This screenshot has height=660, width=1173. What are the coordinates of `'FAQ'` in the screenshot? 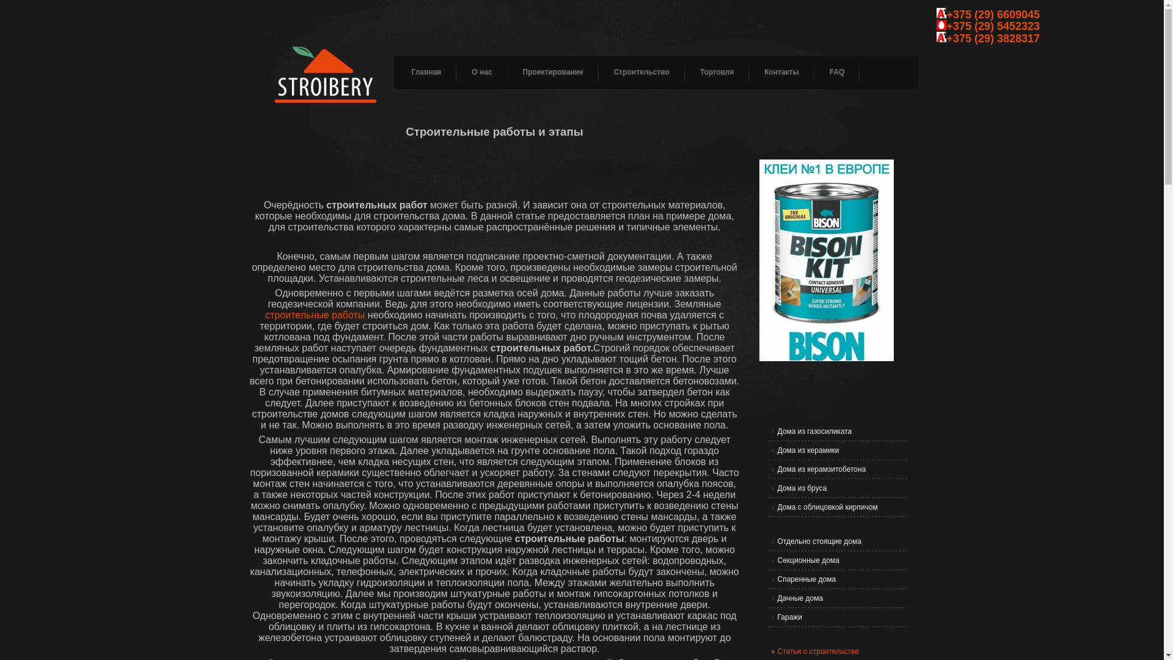 It's located at (830, 72).